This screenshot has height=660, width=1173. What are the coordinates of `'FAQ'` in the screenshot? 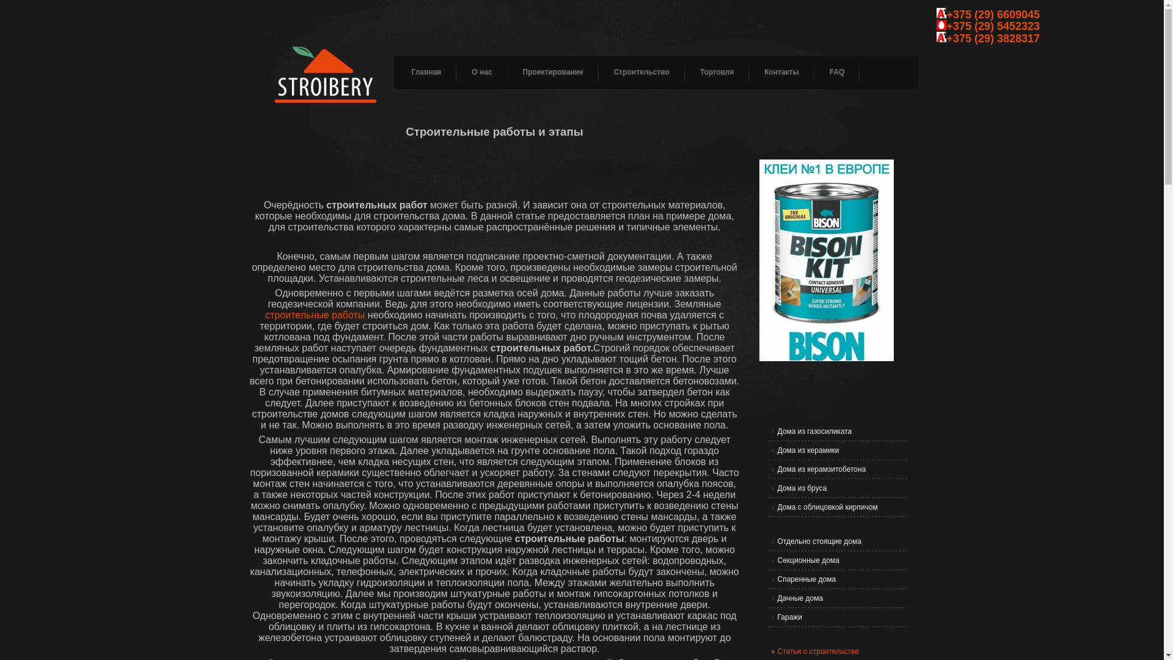 It's located at (830, 72).